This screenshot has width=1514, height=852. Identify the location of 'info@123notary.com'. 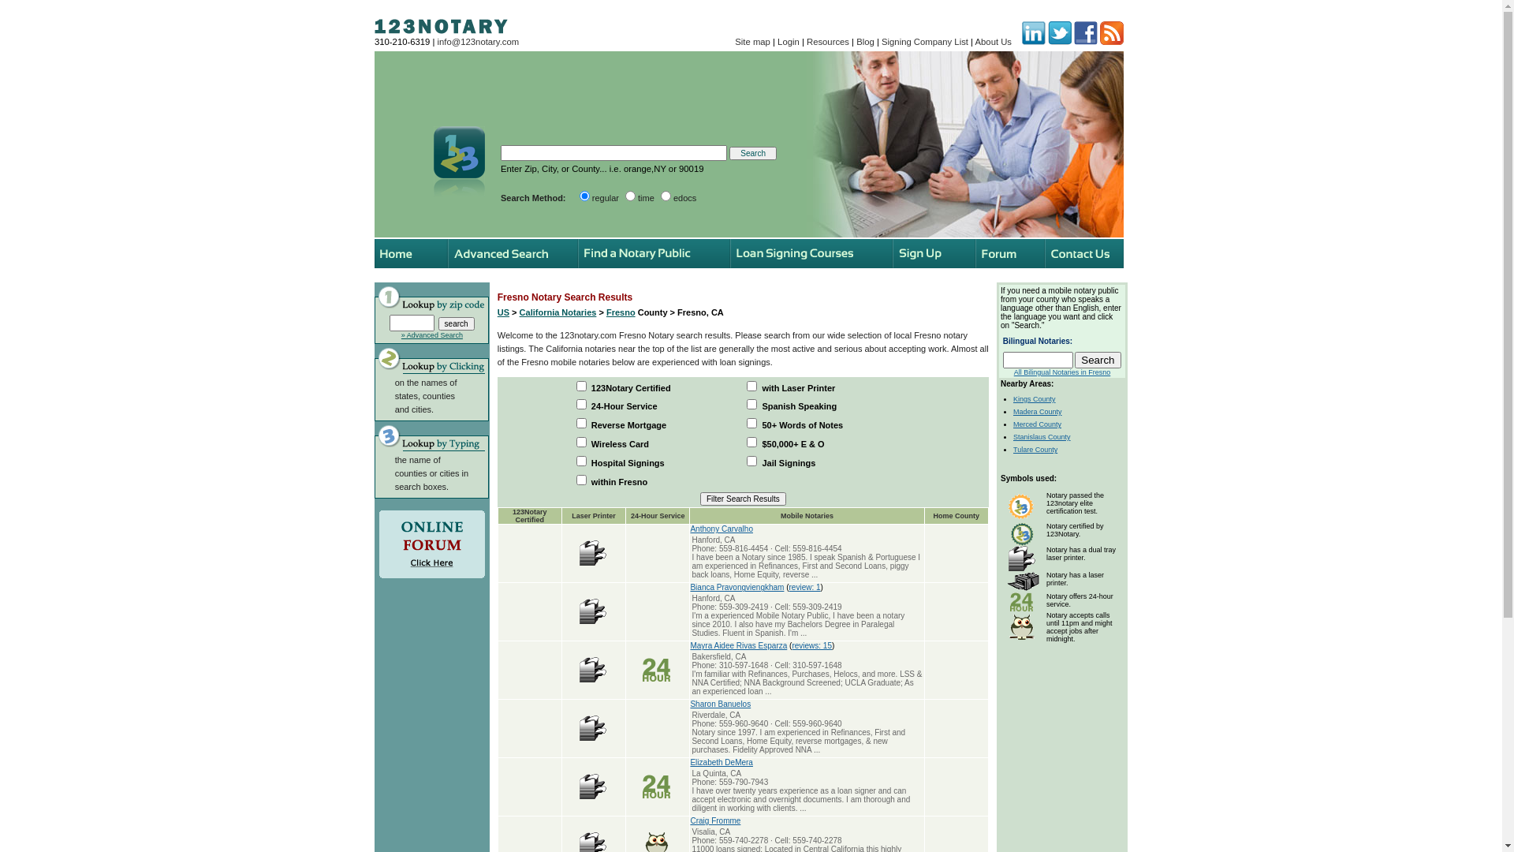
(477, 41).